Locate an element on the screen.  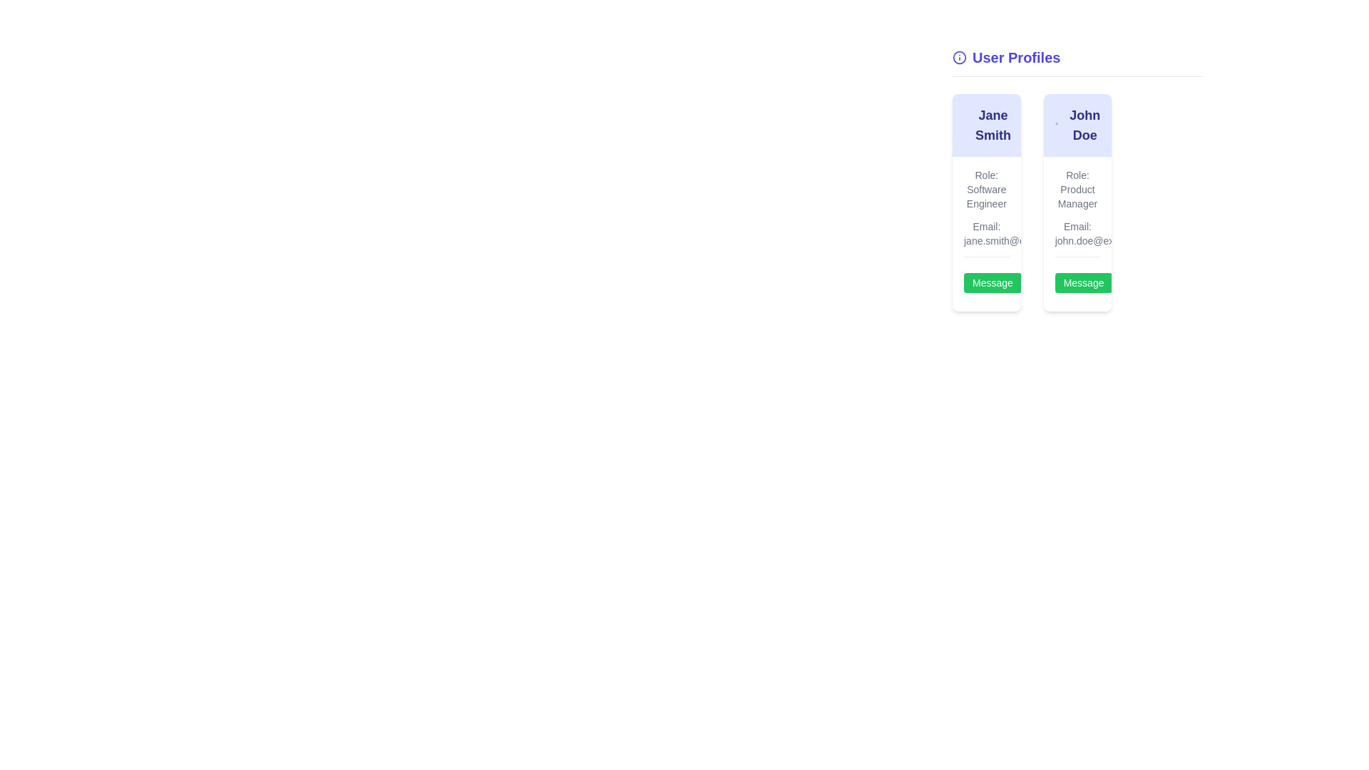
the 'Message' button located below the text displaying 'Role: Software Engineer' and 'Email: jane.smith@example.com' within Jane Smith's profile section is located at coordinates (985, 233).